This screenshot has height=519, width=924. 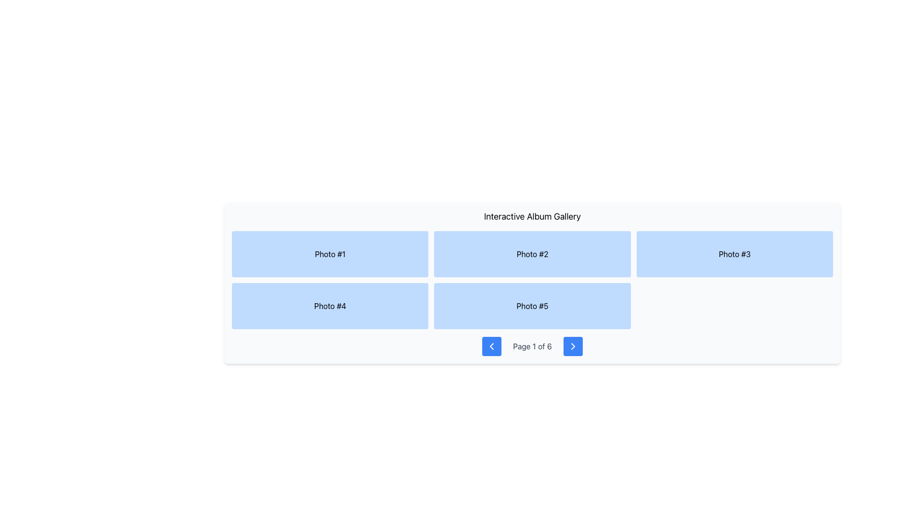 I want to click on the SVG icon within the circular button located at the bottom center of the page, so click(x=492, y=346).